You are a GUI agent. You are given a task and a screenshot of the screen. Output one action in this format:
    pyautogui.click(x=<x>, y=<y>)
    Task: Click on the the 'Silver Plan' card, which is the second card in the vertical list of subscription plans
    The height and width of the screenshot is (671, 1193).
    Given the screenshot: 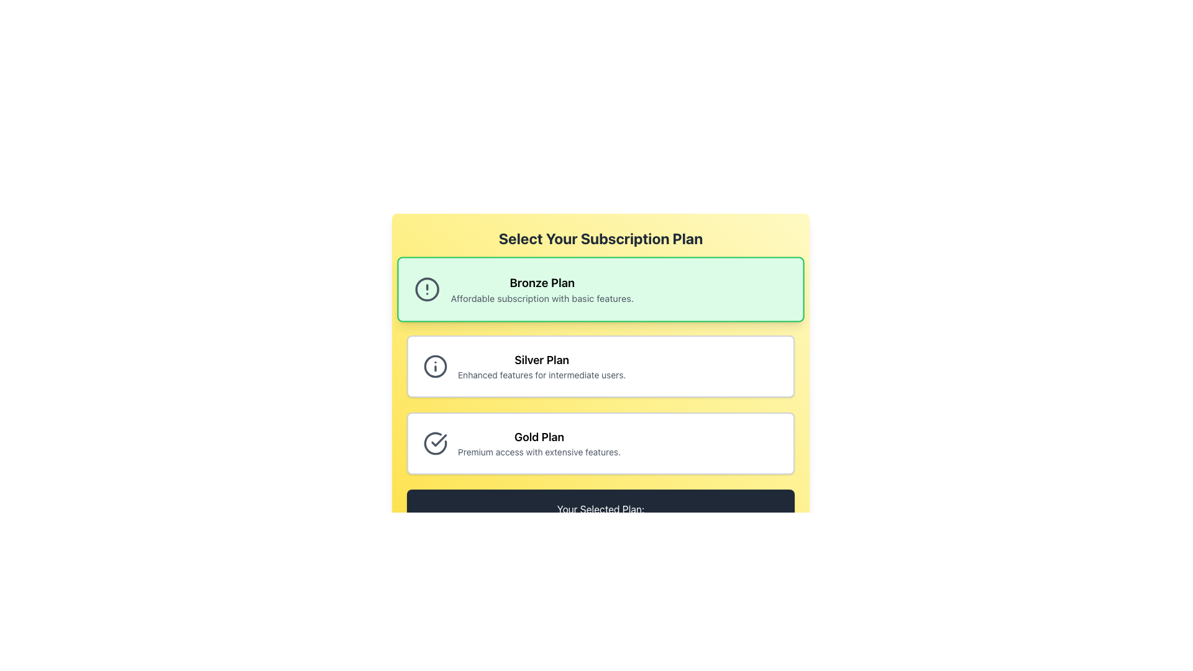 What is the action you would take?
    pyautogui.click(x=600, y=366)
    